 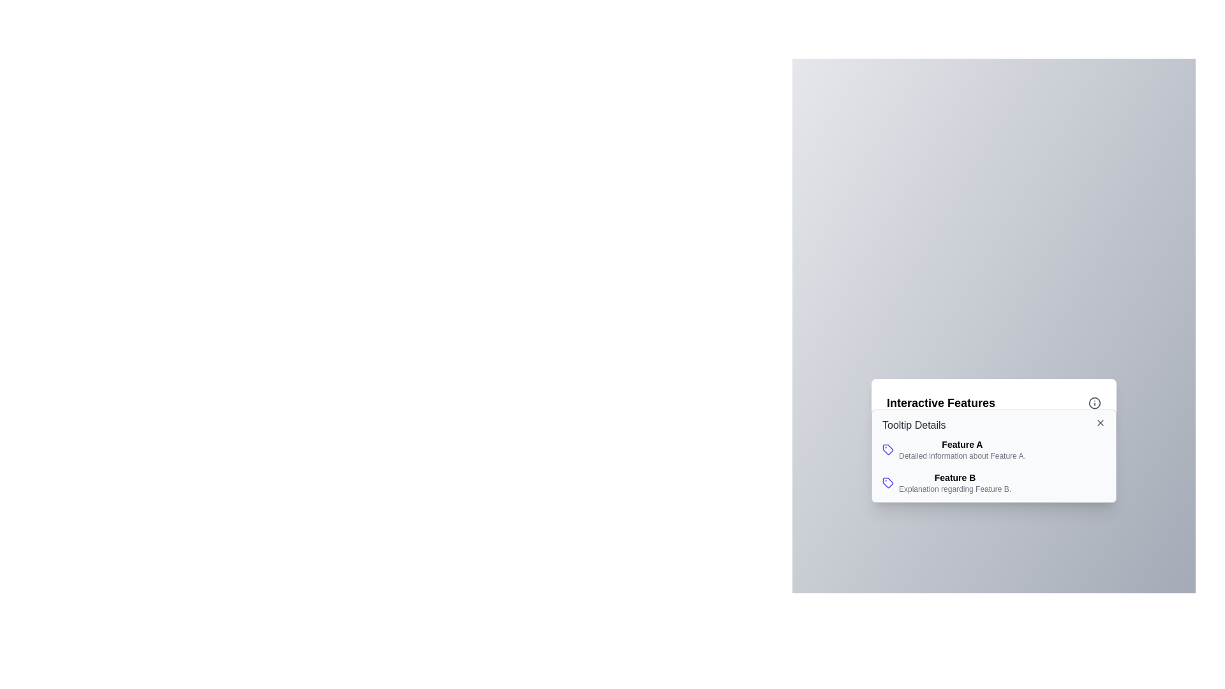 What do you see at coordinates (962, 444) in the screenshot?
I see `the Text Label that serves as a header for 'Feature A' in the tooltip window, located under 'Tooltip Details'` at bounding box center [962, 444].